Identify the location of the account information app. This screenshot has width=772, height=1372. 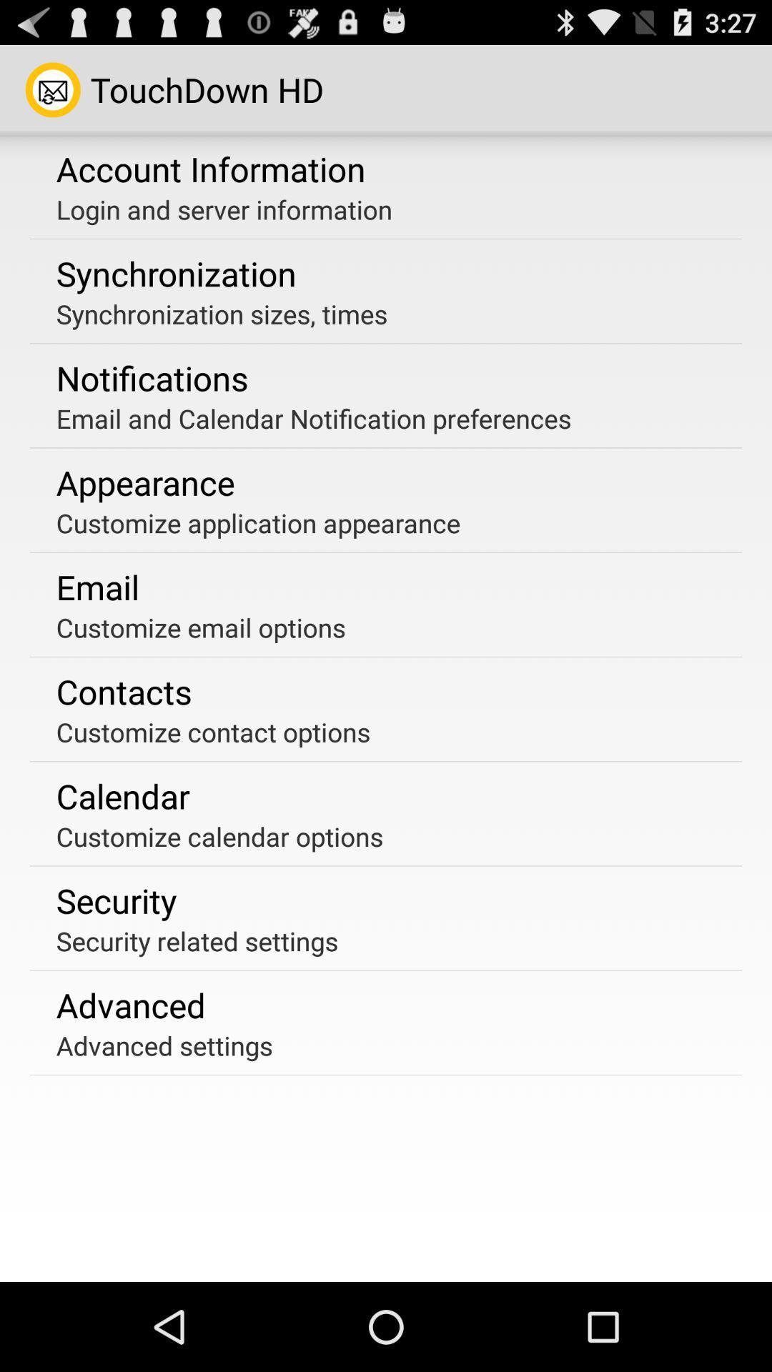
(211, 169).